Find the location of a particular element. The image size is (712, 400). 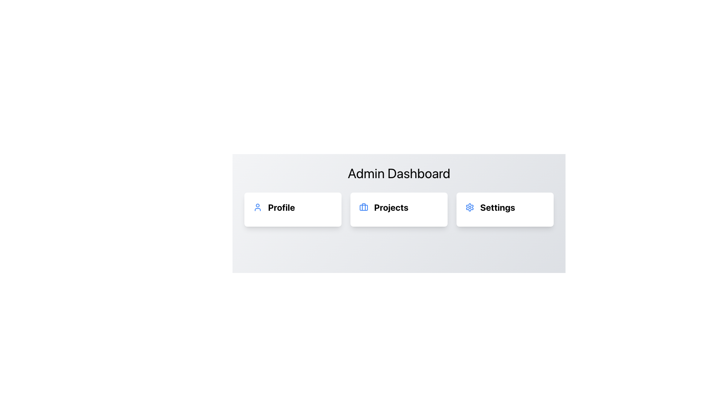

the bold 'Settings' text label, which is styled in black and positioned near a gear icon is located at coordinates (498, 207).